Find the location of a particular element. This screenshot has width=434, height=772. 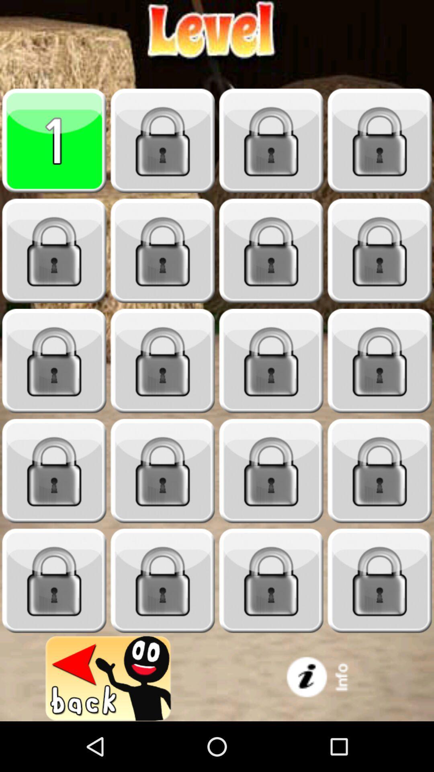

item locked is located at coordinates (380, 471).